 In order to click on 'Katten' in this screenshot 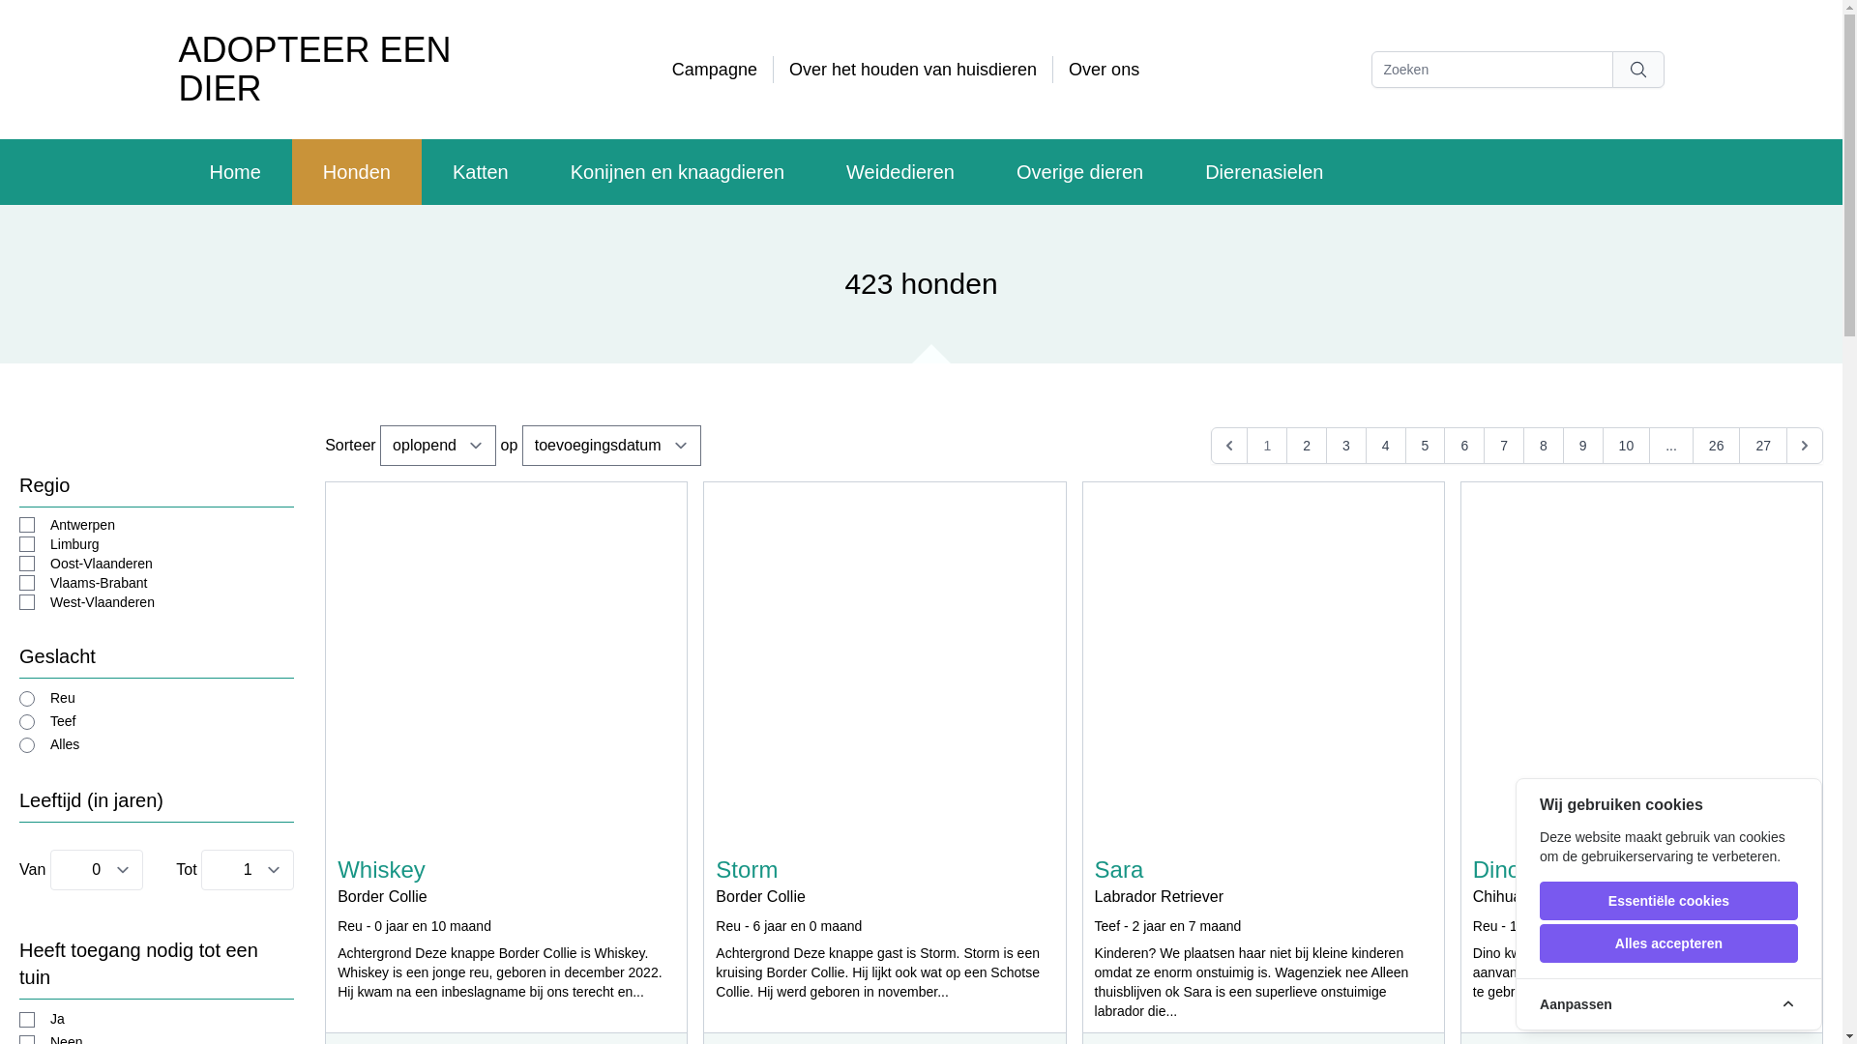, I will do `click(481, 170)`.